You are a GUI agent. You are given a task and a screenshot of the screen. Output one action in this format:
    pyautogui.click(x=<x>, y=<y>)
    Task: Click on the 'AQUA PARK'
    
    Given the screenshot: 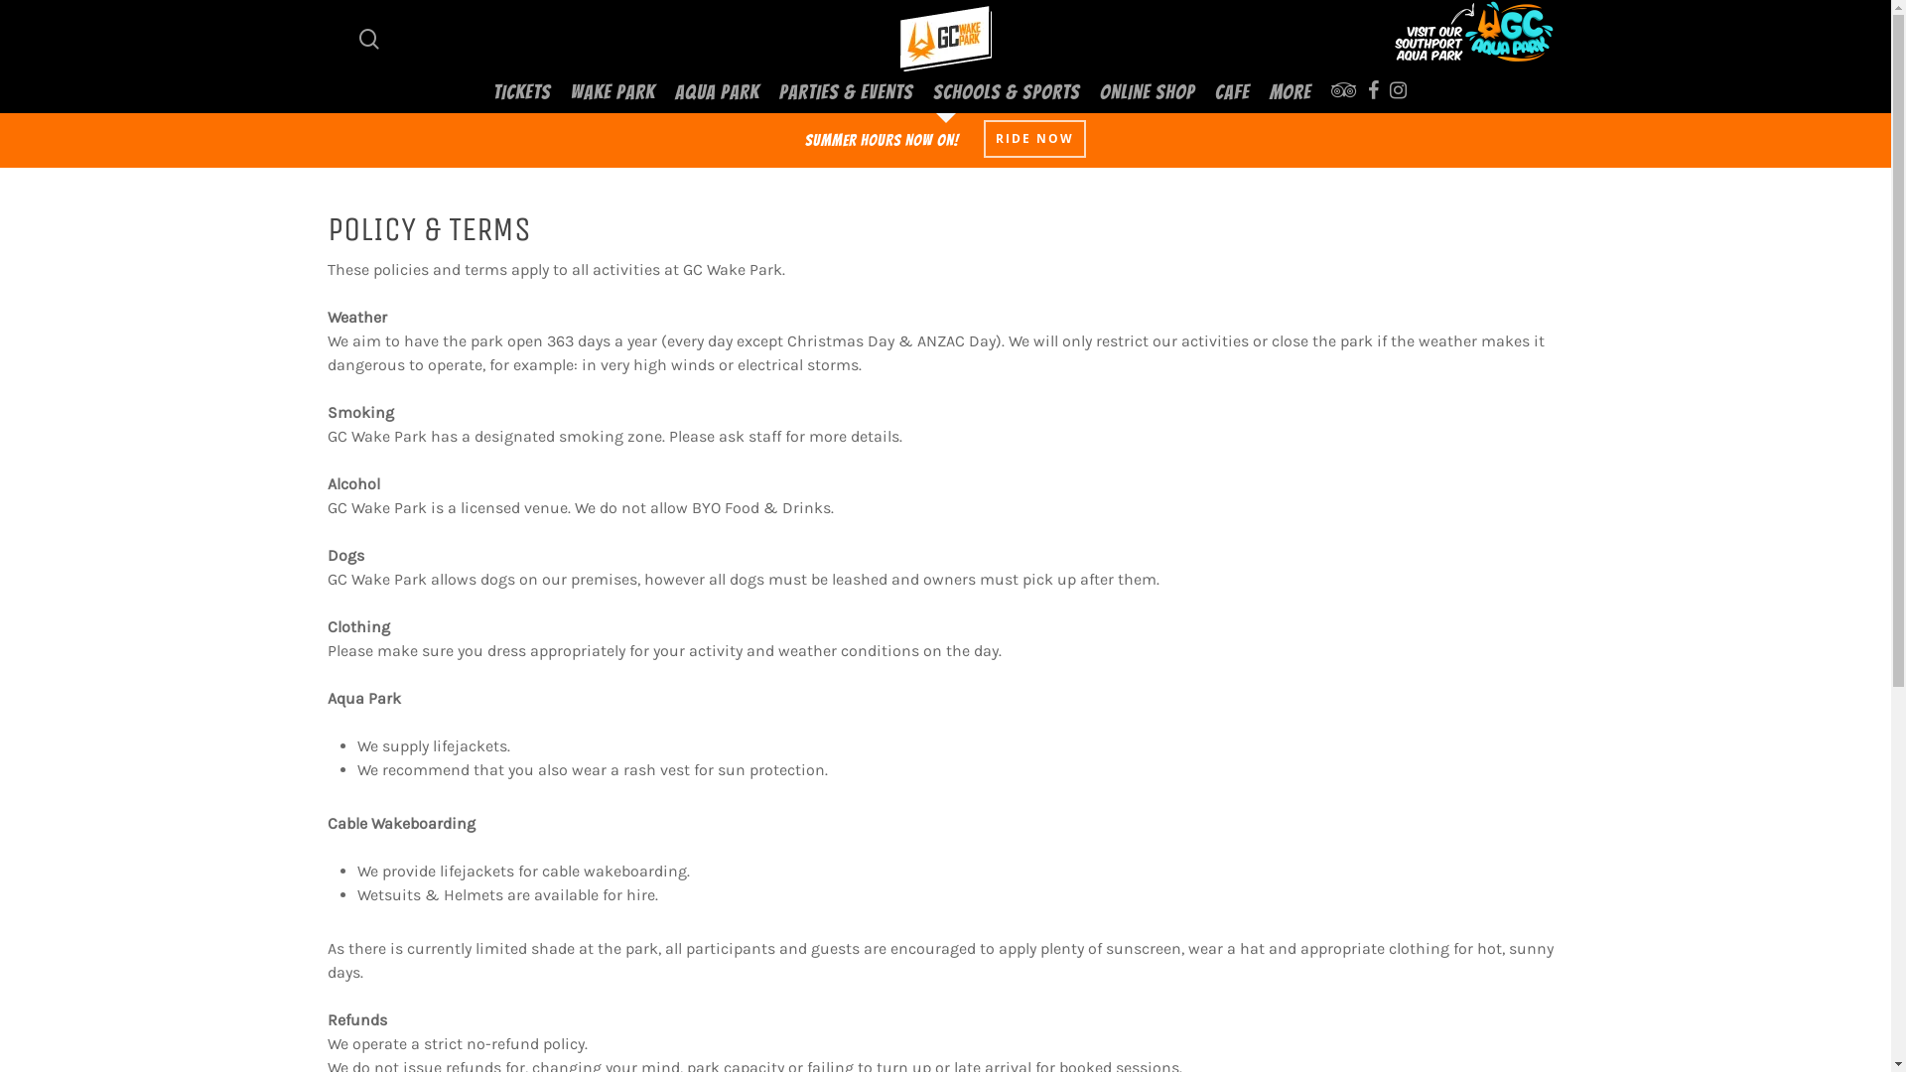 What is the action you would take?
    pyautogui.click(x=716, y=91)
    